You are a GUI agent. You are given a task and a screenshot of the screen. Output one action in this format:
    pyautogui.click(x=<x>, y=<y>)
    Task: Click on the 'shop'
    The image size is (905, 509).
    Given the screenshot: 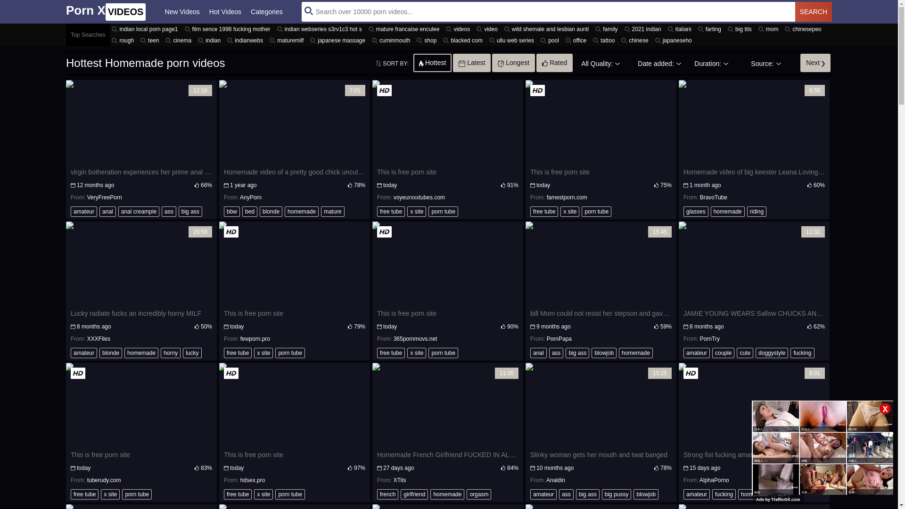 What is the action you would take?
    pyautogui.click(x=414, y=40)
    